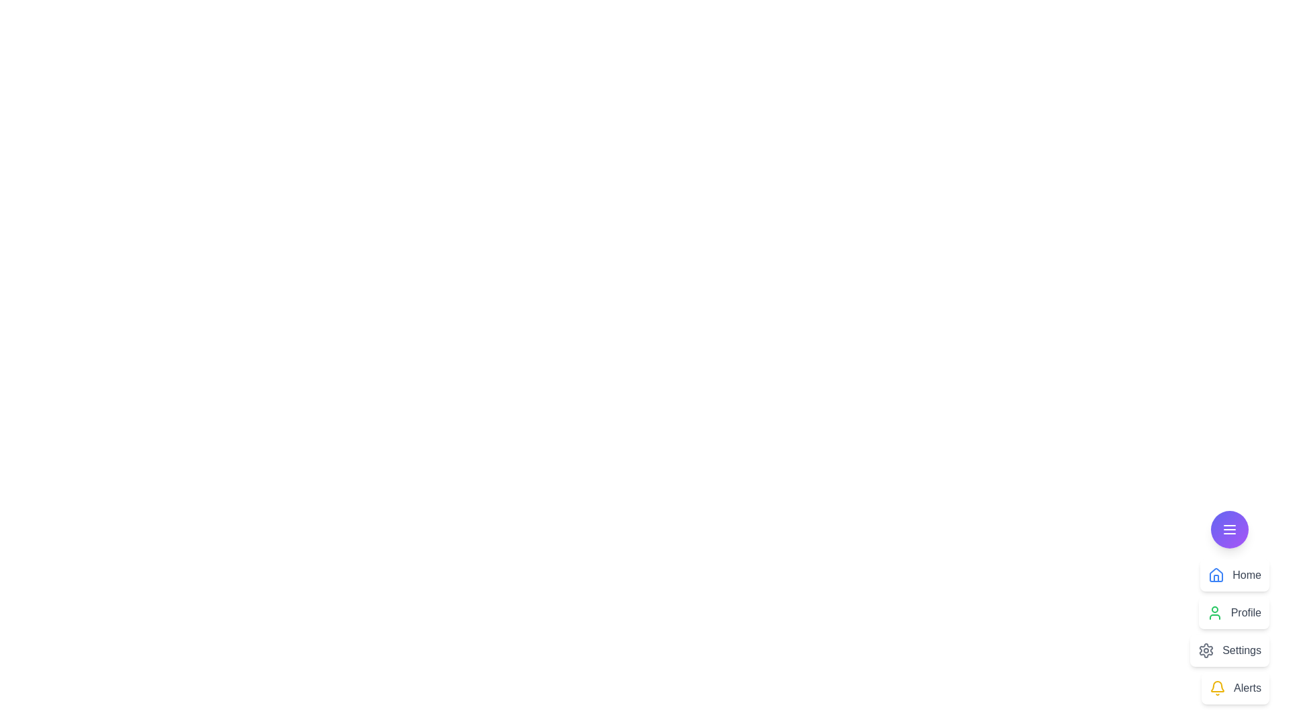  What do you see at coordinates (1230, 650) in the screenshot?
I see `the menu item Settings from the speed dial menu` at bounding box center [1230, 650].